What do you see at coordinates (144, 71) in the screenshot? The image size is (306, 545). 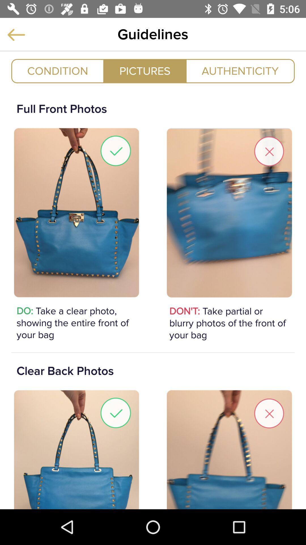 I see `pictures item` at bounding box center [144, 71].